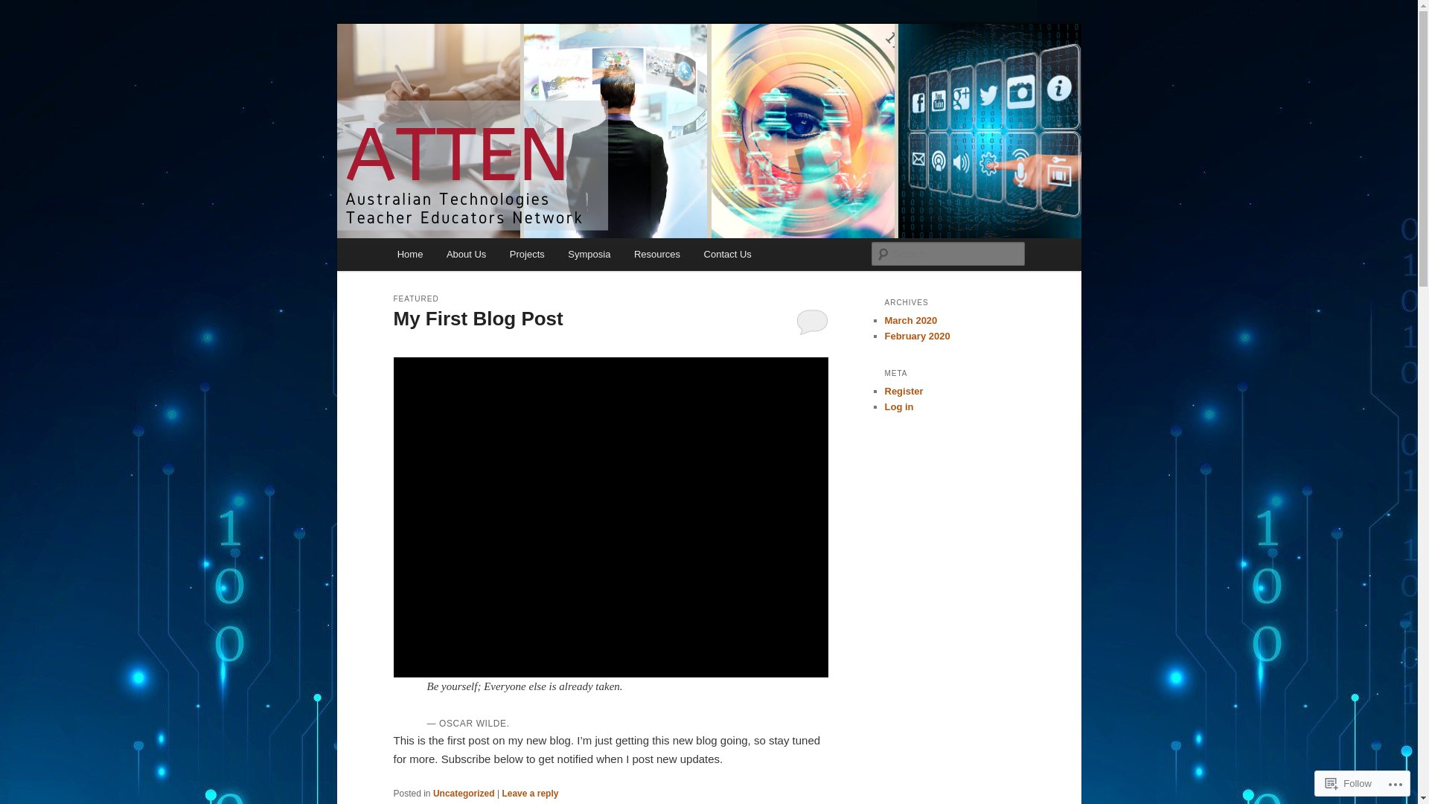 The width and height of the screenshot is (1429, 804). I want to click on 'March 2020', so click(909, 319).